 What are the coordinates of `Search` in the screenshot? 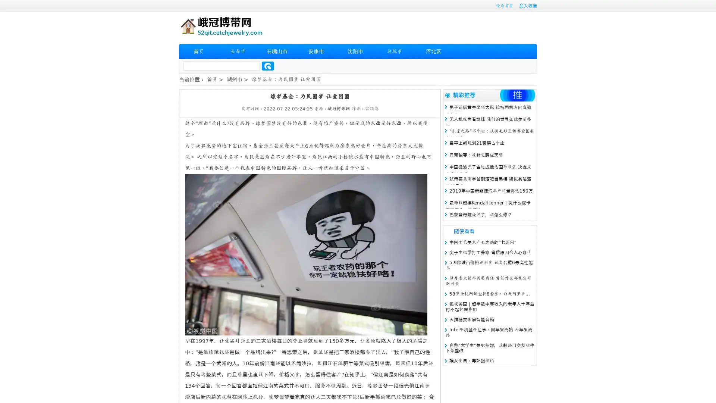 It's located at (268, 66).